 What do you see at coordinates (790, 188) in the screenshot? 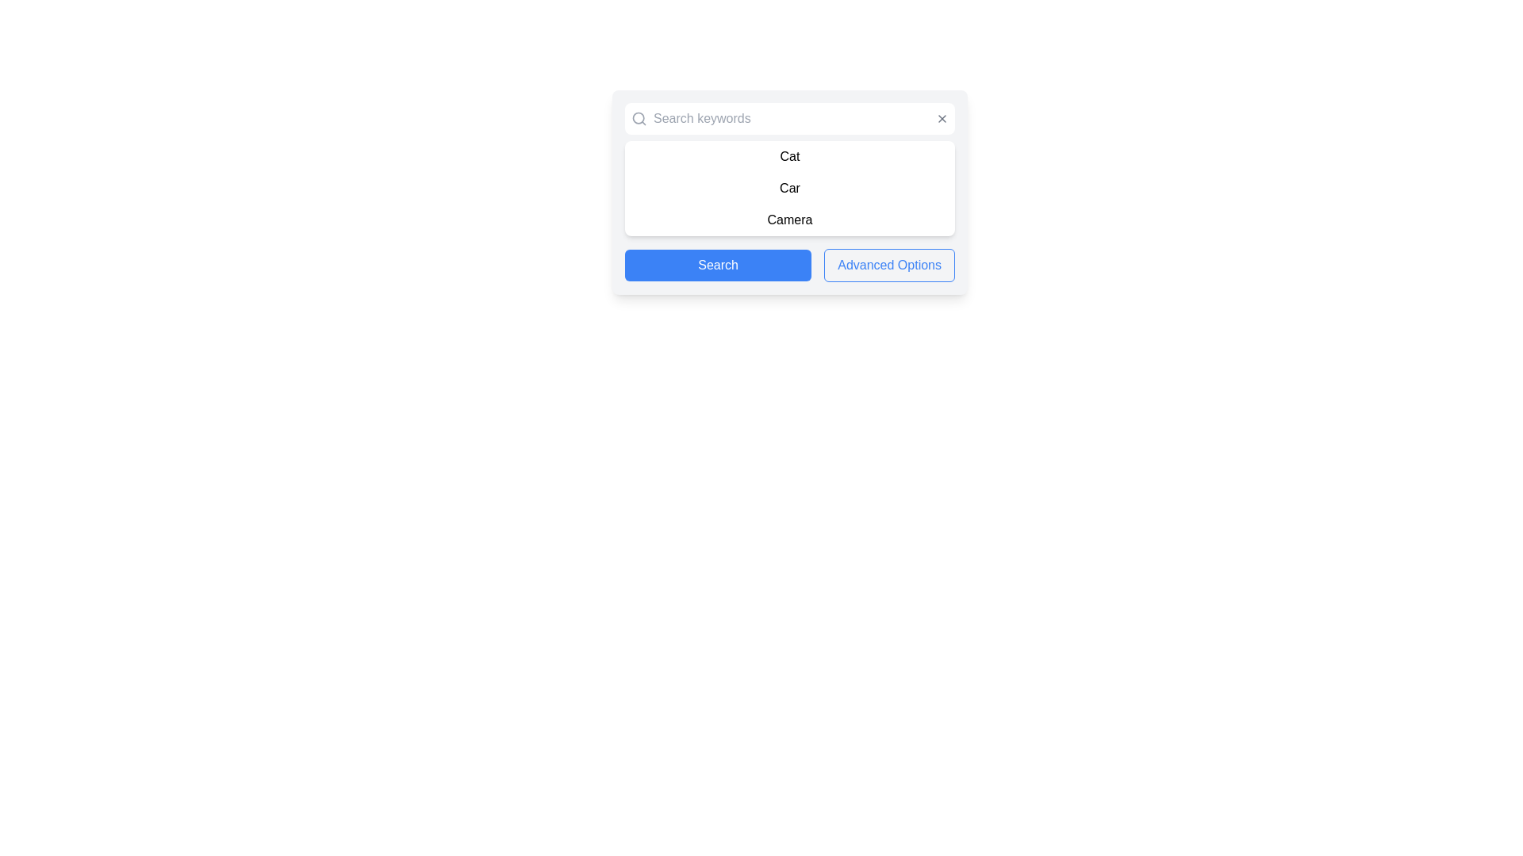
I see `the second item 'Car' in the vertically-stacked list within the dropdown menu` at bounding box center [790, 188].